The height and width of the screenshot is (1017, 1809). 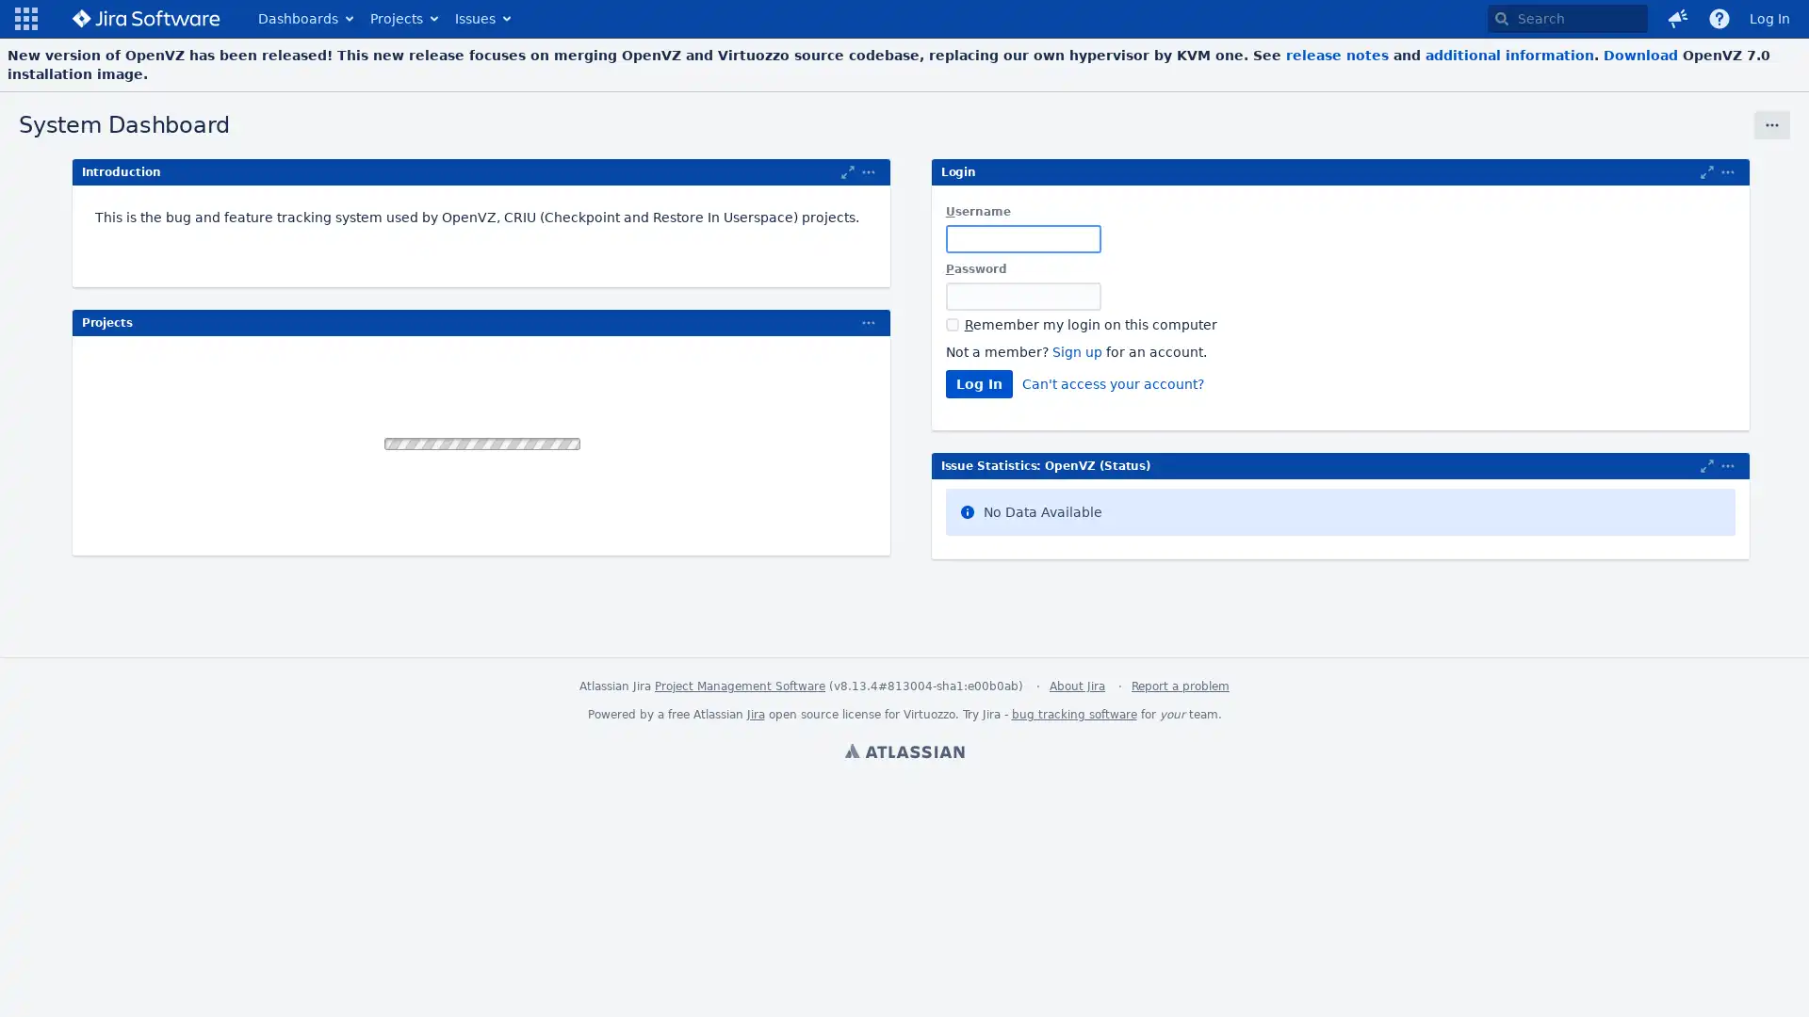 I want to click on Maximize, so click(x=849, y=171).